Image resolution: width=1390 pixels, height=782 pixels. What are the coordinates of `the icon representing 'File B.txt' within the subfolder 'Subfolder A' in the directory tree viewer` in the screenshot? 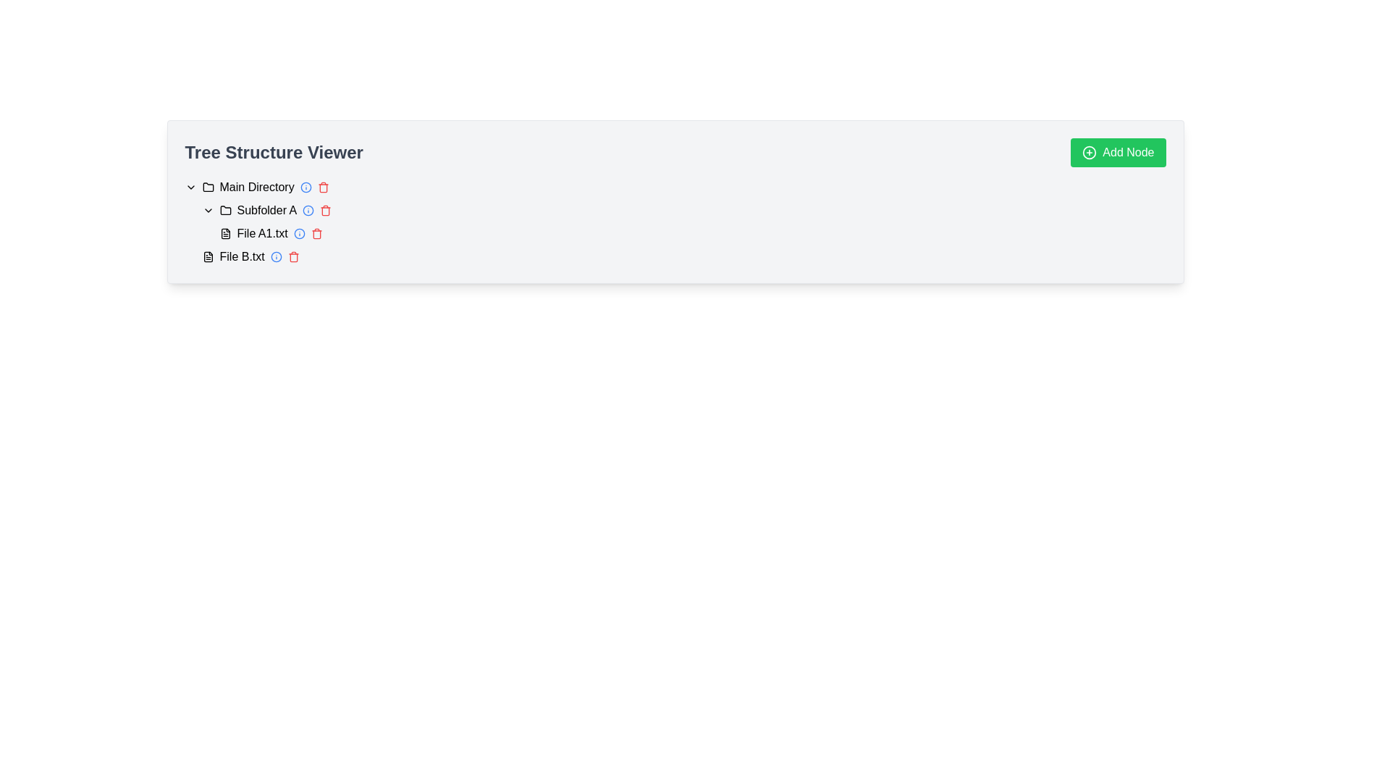 It's located at (207, 256).